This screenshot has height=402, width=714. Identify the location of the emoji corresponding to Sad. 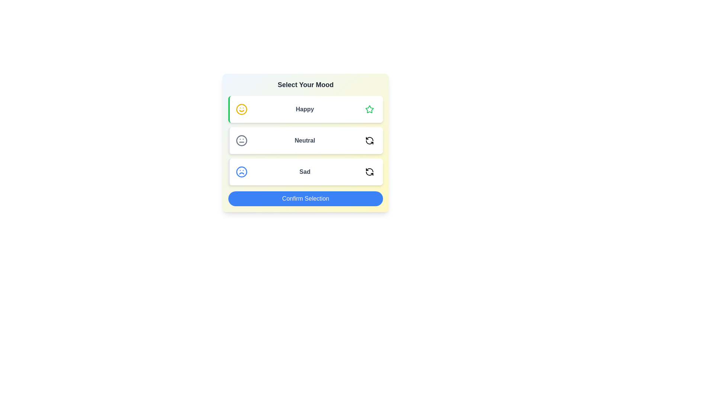
(369, 172).